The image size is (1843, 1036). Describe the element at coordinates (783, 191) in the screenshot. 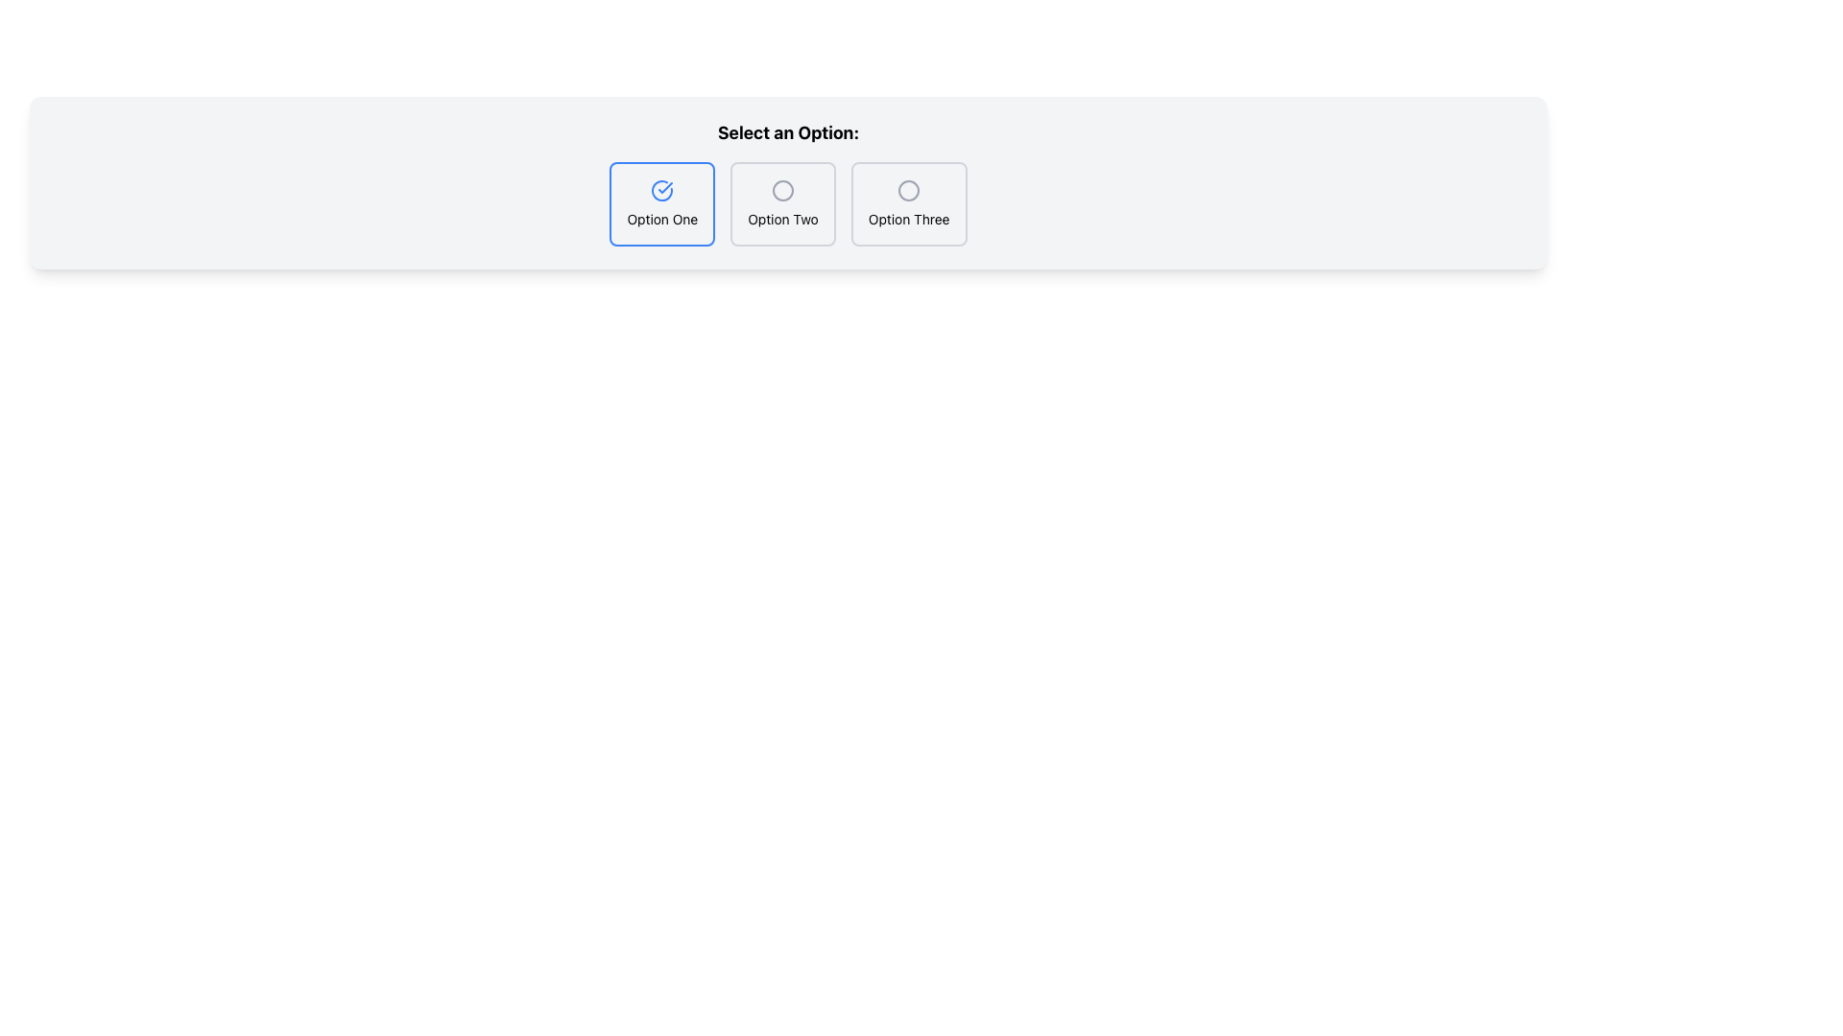

I see `the circular marker of the Radio button indicator for 'Option Two'` at that location.